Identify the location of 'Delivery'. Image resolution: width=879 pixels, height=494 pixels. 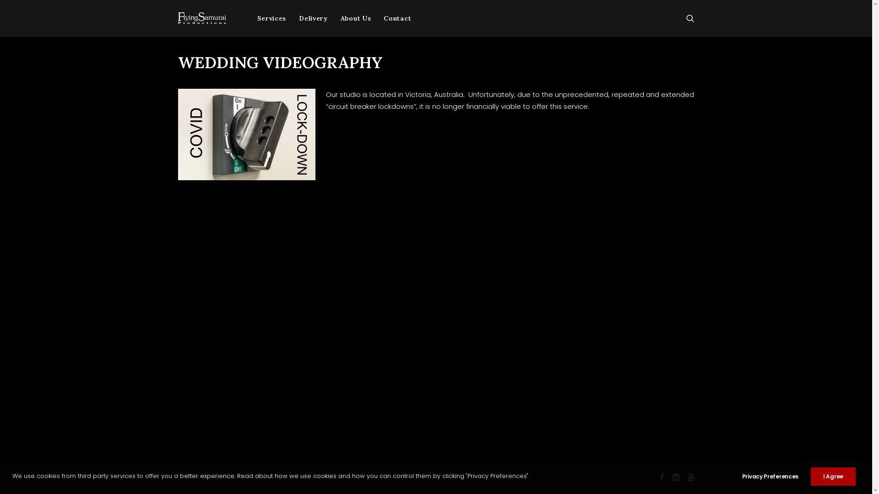
(313, 18).